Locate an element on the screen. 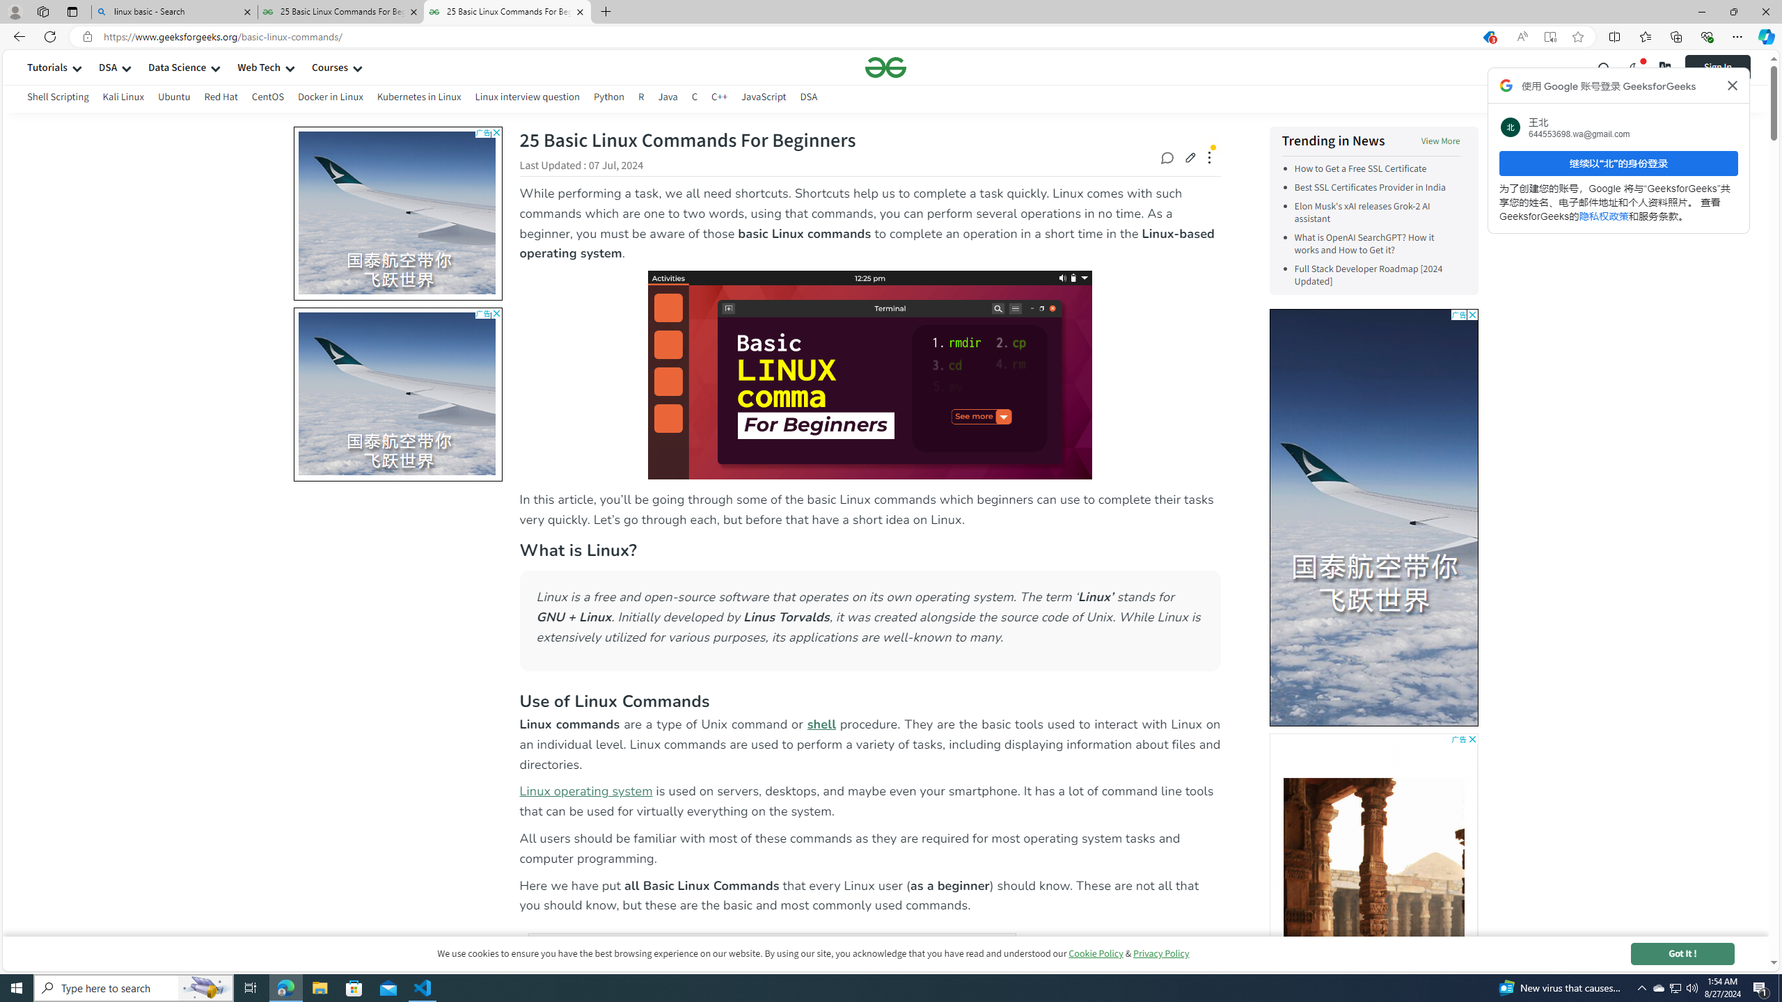 The height and width of the screenshot is (1002, 1782). 'Cookie Policy' is located at coordinates (1095, 953).